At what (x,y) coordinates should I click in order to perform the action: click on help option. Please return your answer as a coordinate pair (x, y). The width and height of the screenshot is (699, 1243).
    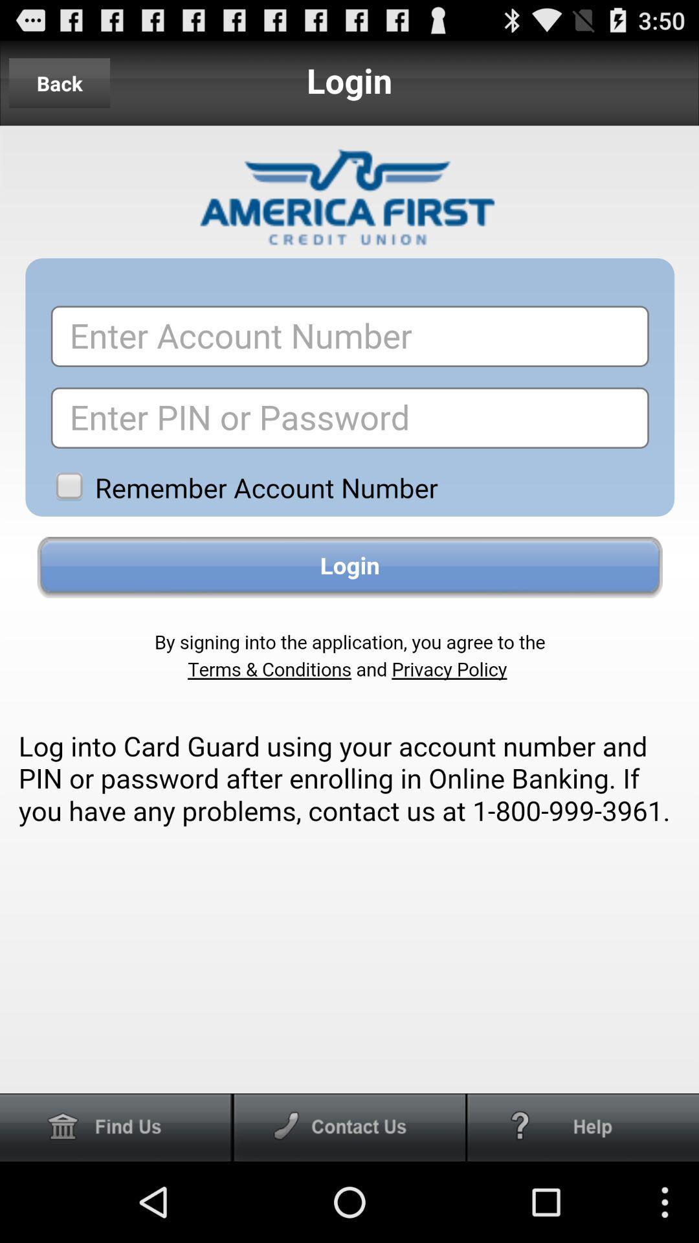
    Looking at the image, I should click on (583, 1126).